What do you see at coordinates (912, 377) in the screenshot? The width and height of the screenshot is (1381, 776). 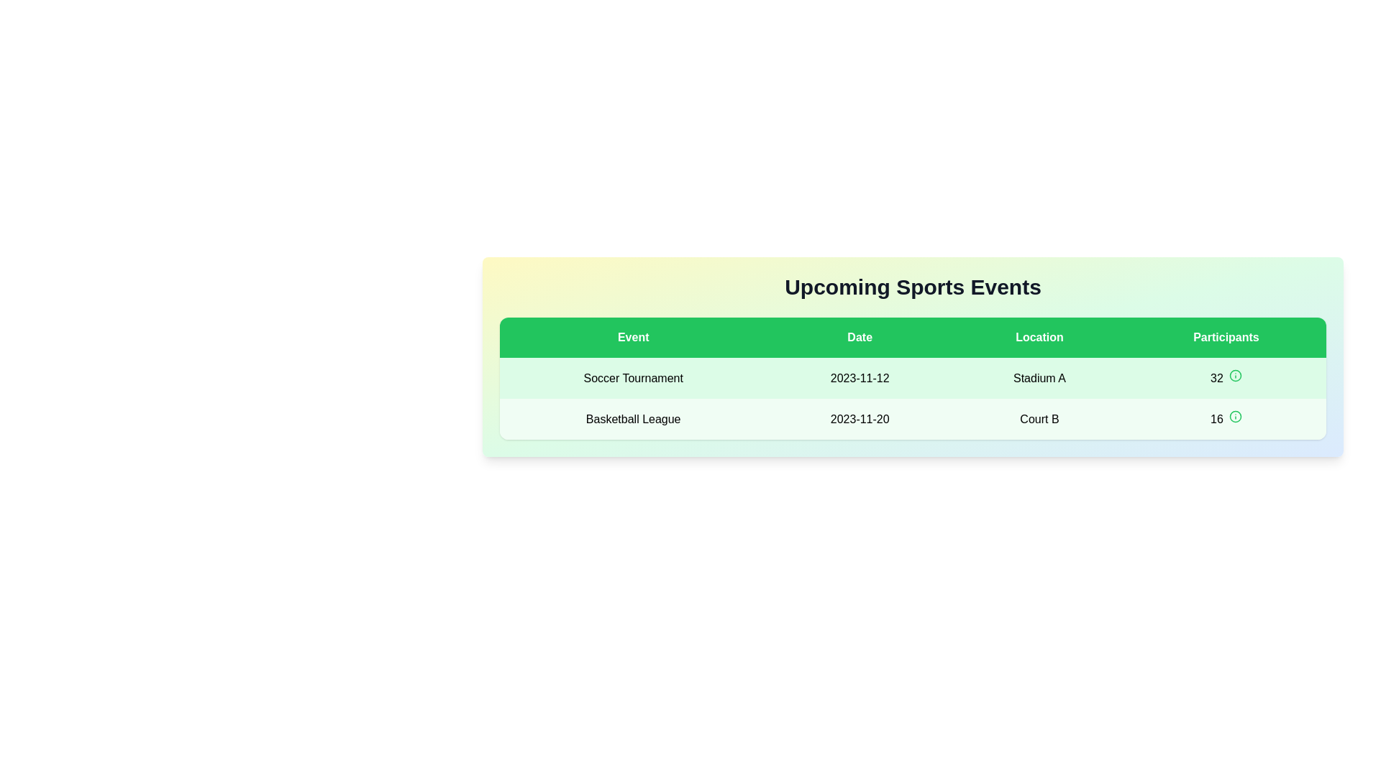 I see `the interactive element within the first row of the 'Upcoming Sports Events' table` at bounding box center [912, 377].